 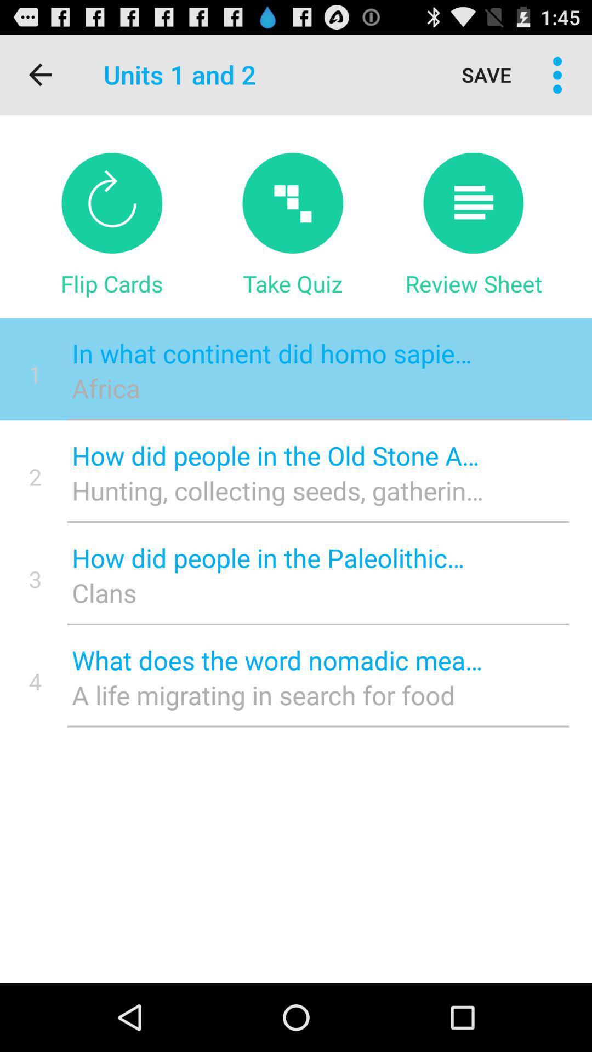 I want to click on the icon to the right of the take quiz icon, so click(x=473, y=283).